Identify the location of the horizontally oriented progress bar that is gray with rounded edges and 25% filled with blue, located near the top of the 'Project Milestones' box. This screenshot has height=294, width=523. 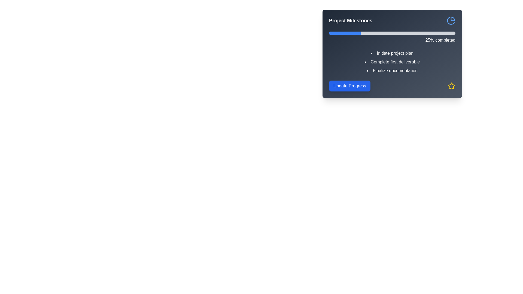
(392, 33).